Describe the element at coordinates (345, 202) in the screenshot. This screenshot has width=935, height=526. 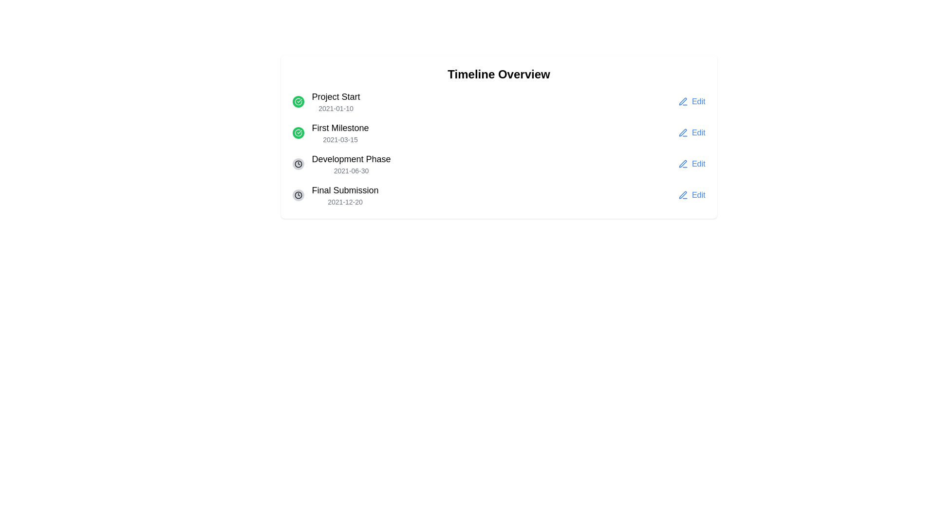
I see `date displayed in the text element showing '2021-12-20', which is right-aligned under the 'Final Submission' label in the timeline overview section` at that location.